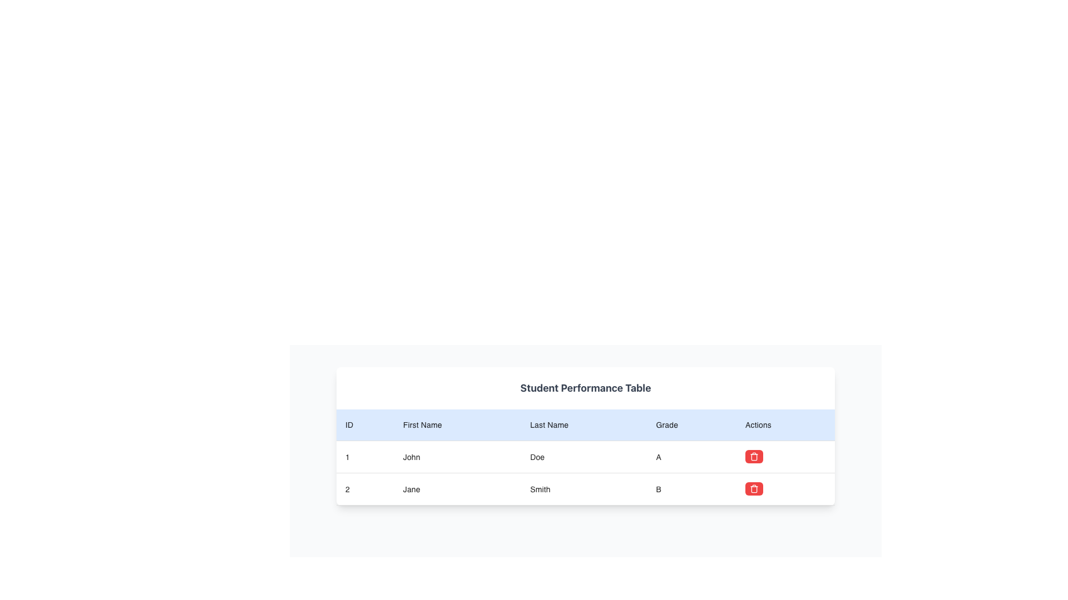  What do you see at coordinates (785, 488) in the screenshot?
I see `interactive delete button contained within the Table cell for user 'Jane Smith', located in the fifth column of the 'Actions' section` at bounding box center [785, 488].